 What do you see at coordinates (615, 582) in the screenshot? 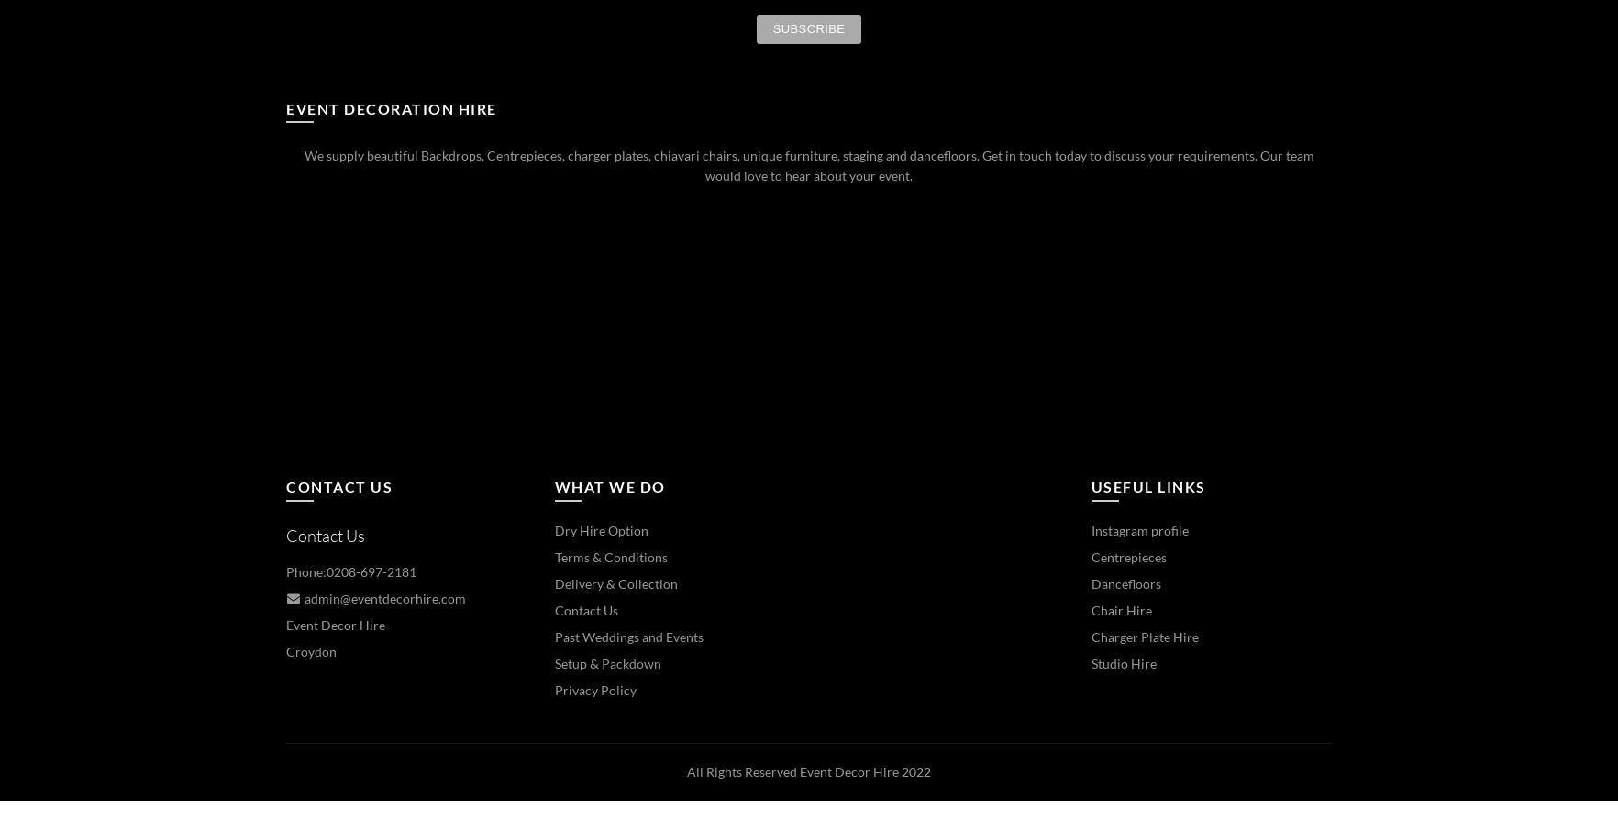
I see `'Delivery & Collection'` at bounding box center [615, 582].